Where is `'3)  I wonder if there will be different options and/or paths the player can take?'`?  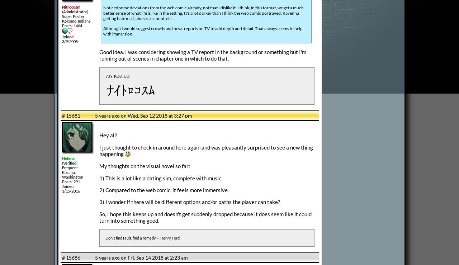 '3)  I wonder if there will be different options and/or paths the player can take?' is located at coordinates (190, 201).